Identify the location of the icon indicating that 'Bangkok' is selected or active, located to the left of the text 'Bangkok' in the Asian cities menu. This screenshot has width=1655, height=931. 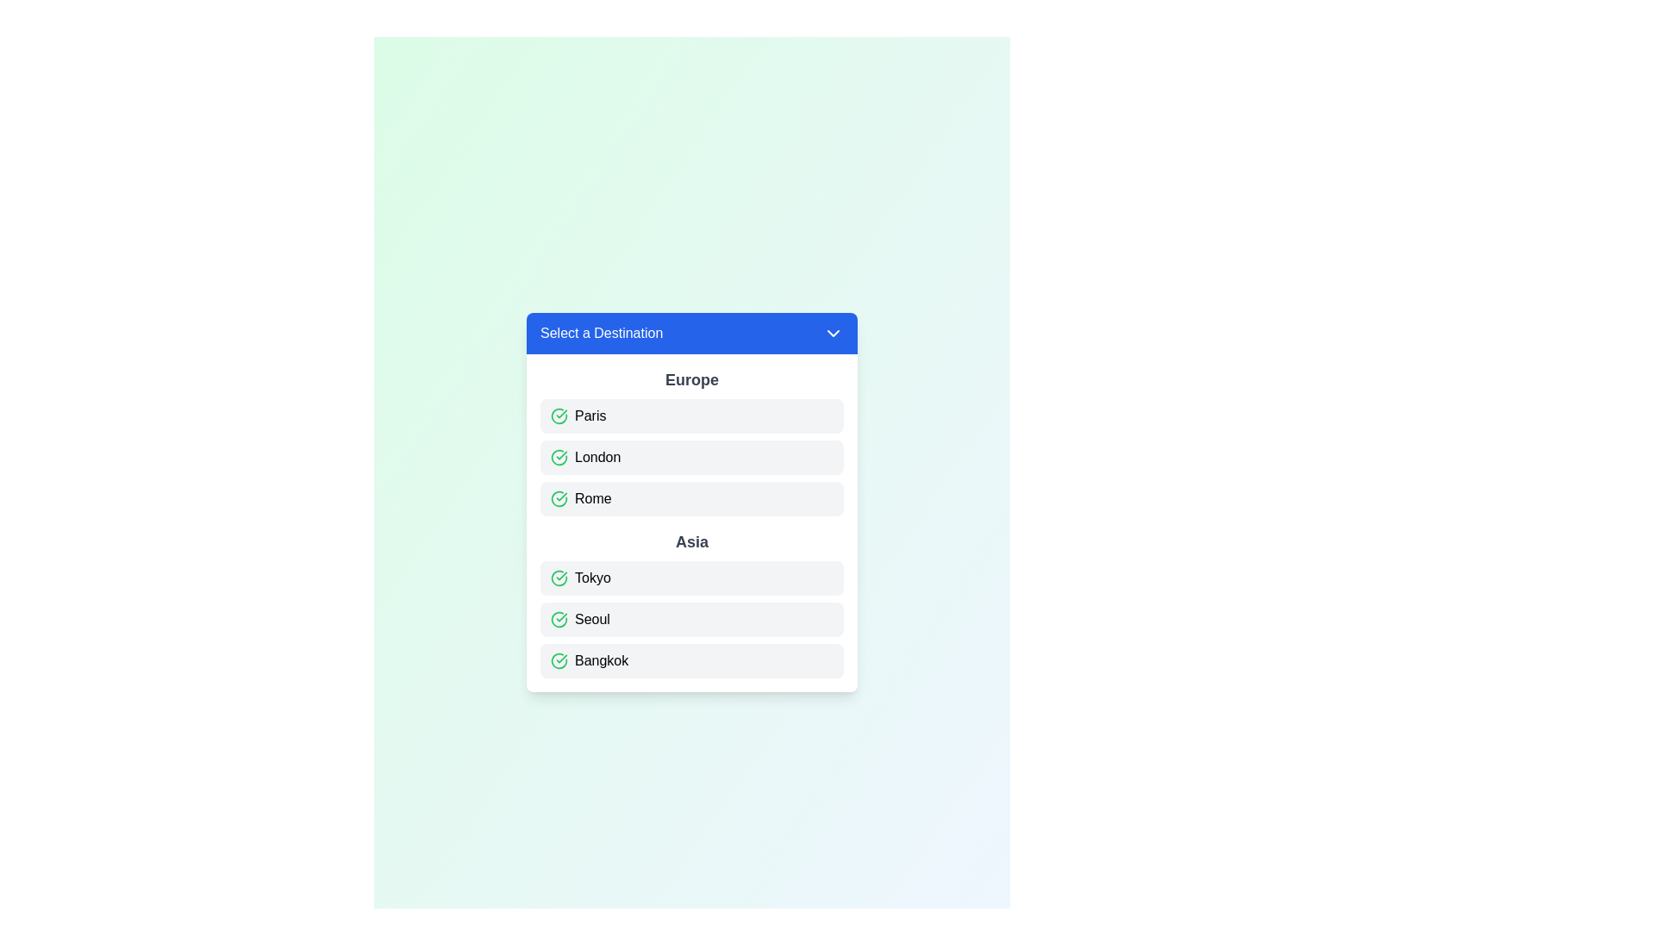
(559, 660).